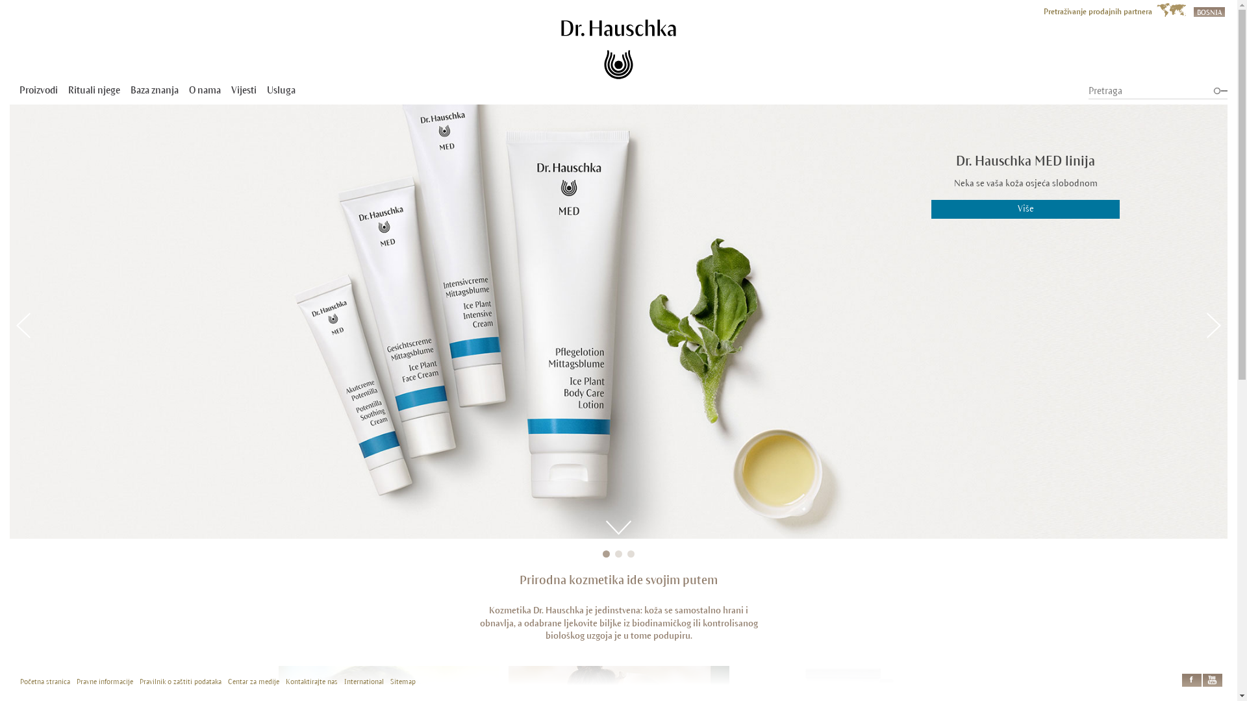  I want to click on 'Pravne informacije', so click(105, 681).